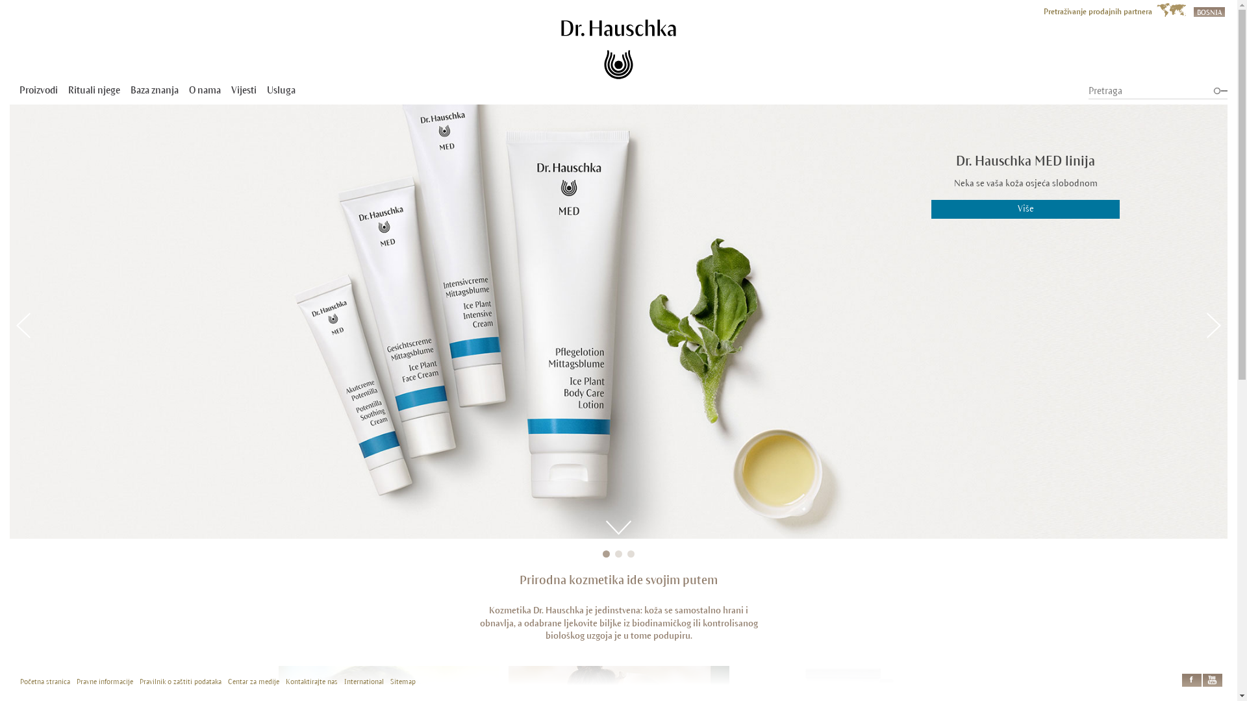  I want to click on 'Pravne informacije', so click(105, 681).